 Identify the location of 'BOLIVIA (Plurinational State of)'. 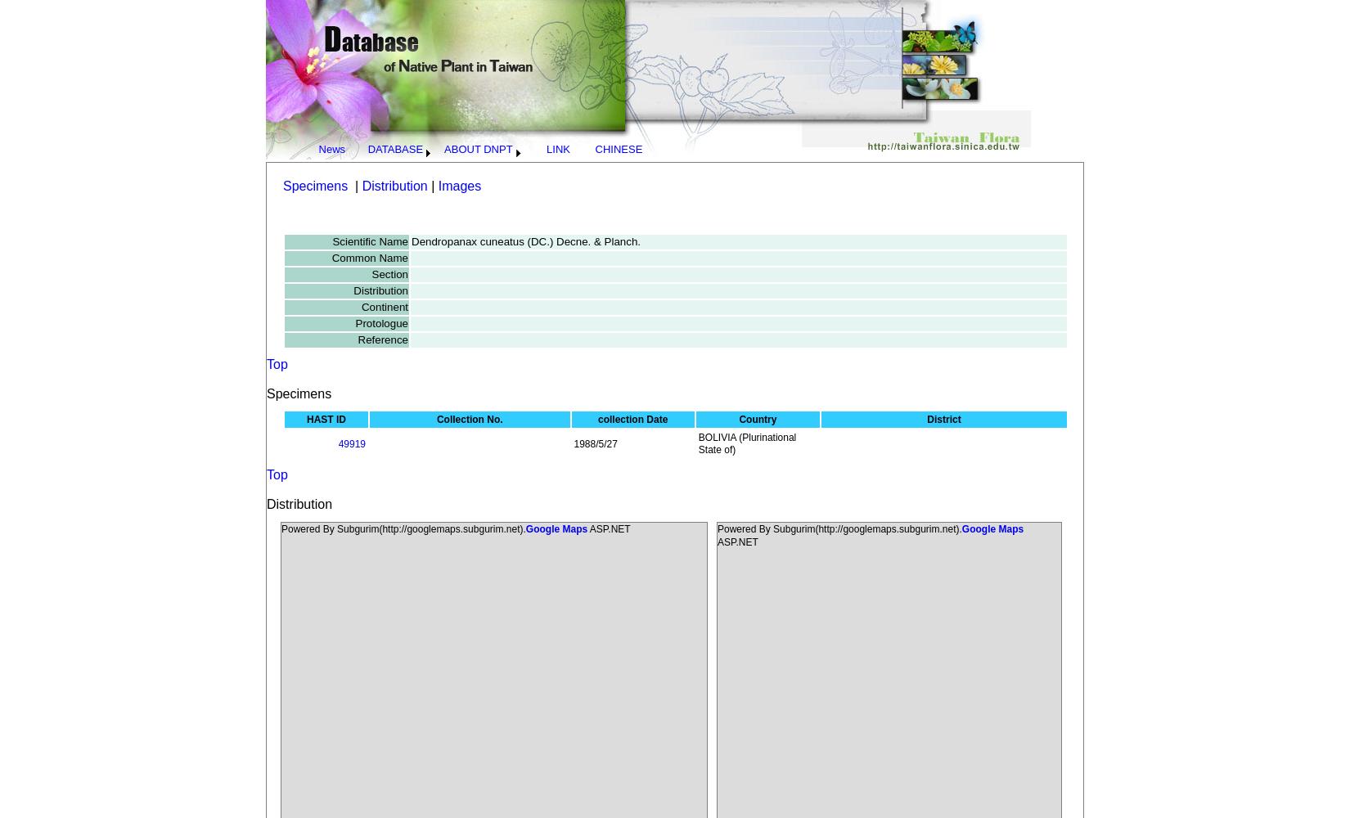
(746, 443).